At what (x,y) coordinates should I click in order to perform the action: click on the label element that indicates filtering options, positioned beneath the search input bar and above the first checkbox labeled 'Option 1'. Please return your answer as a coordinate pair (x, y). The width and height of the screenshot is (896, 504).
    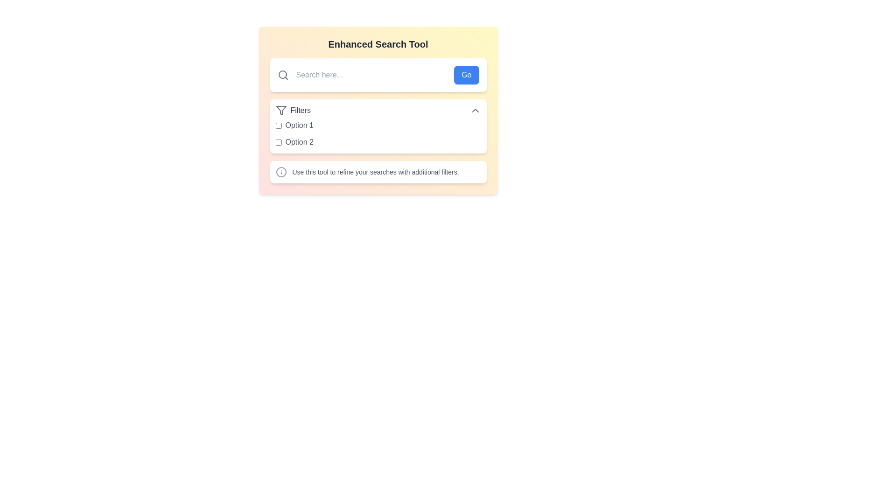
    Looking at the image, I should click on (293, 110).